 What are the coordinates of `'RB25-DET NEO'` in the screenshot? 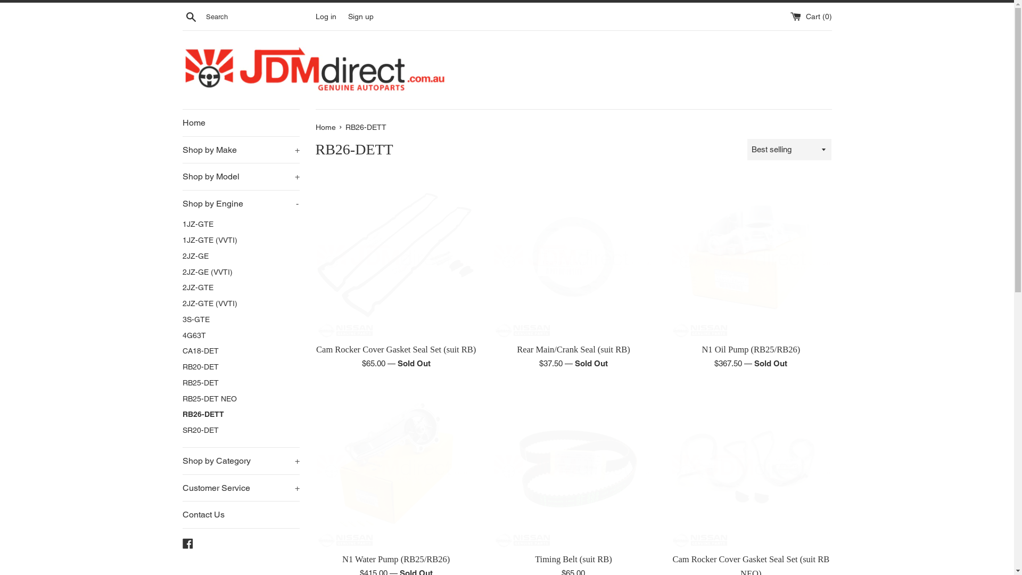 It's located at (240, 399).